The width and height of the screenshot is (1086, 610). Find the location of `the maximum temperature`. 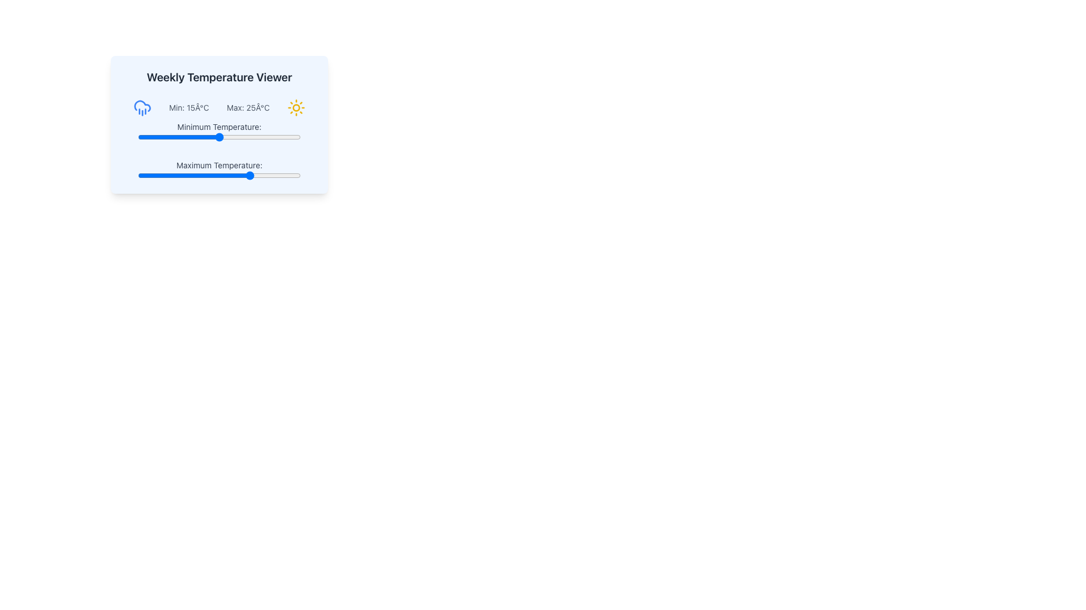

the maximum temperature is located at coordinates (251, 176).